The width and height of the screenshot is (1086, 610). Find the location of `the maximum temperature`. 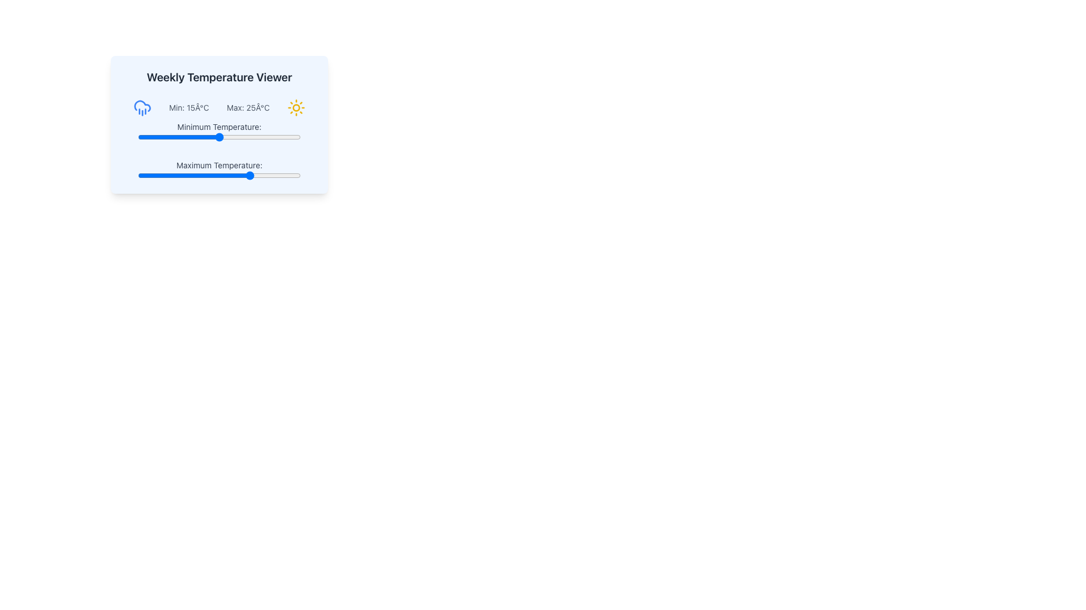

the maximum temperature is located at coordinates (251, 176).